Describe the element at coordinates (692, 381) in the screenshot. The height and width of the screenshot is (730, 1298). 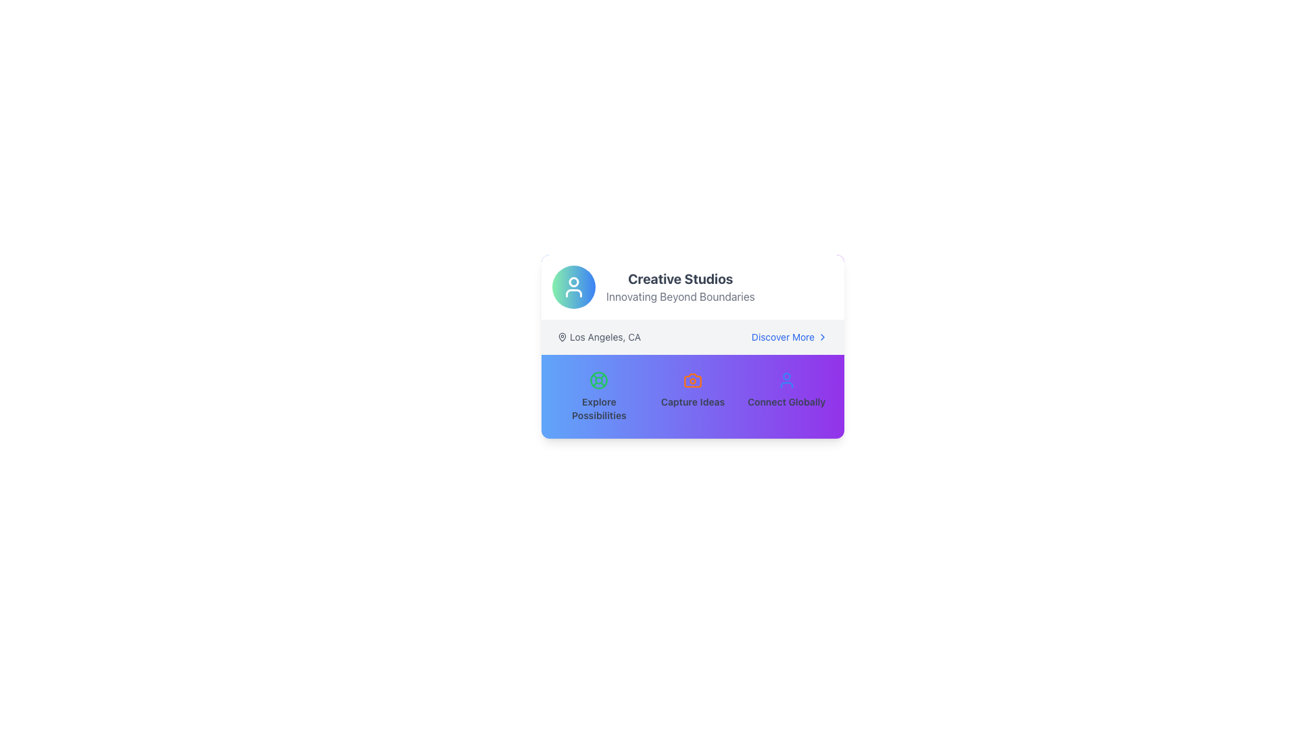
I see `the 'Capture Ideas' icon, which is centrally located in the 'Capture Ideas' section of a horizontal group of three sections at the bottom of the card` at that location.